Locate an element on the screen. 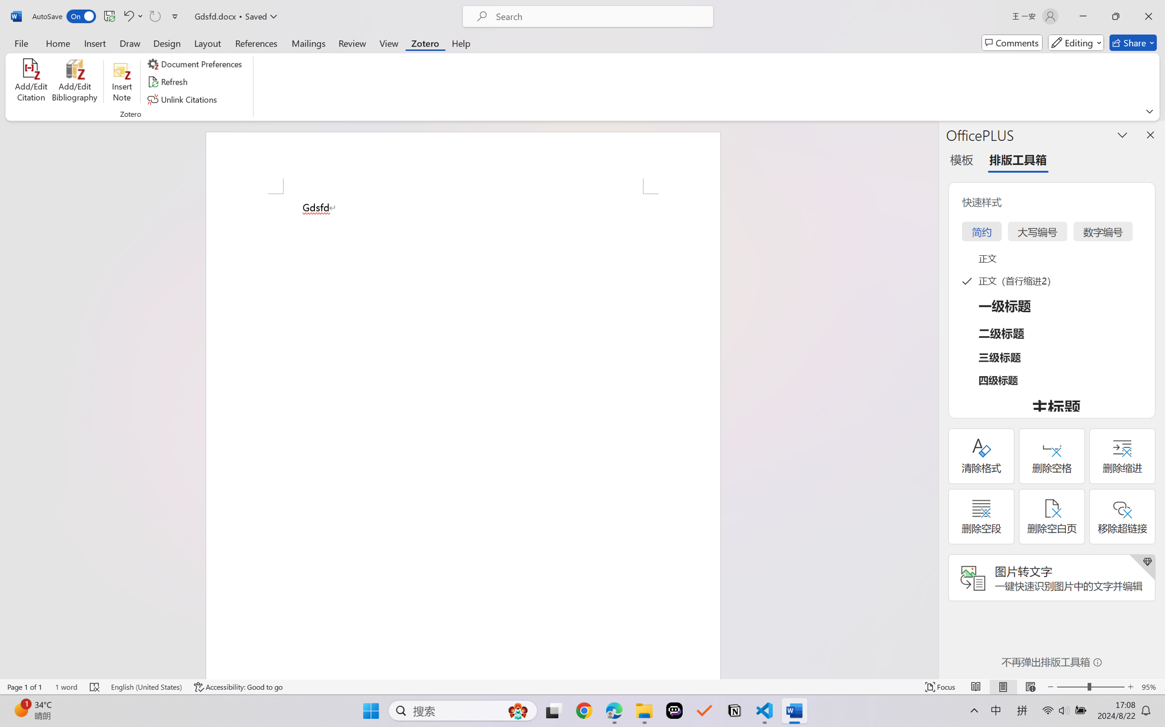 This screenshot has width=1165, height=727. 'Spelling and Grammar Check Errors' is located at coordinates (95, 687).